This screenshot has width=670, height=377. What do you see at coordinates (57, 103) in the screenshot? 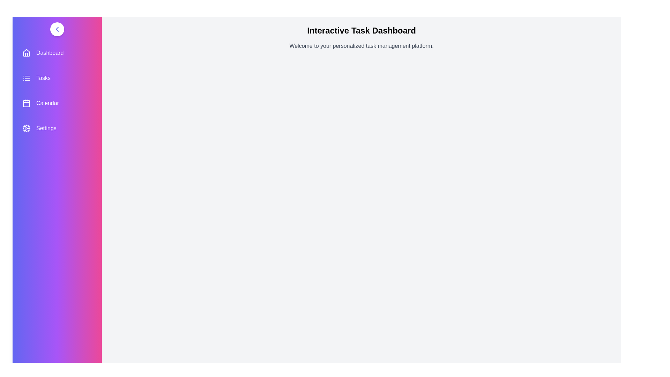
I see `the menu item labeled Calendar to observe its hover effect` at bounding box center [57, 103].